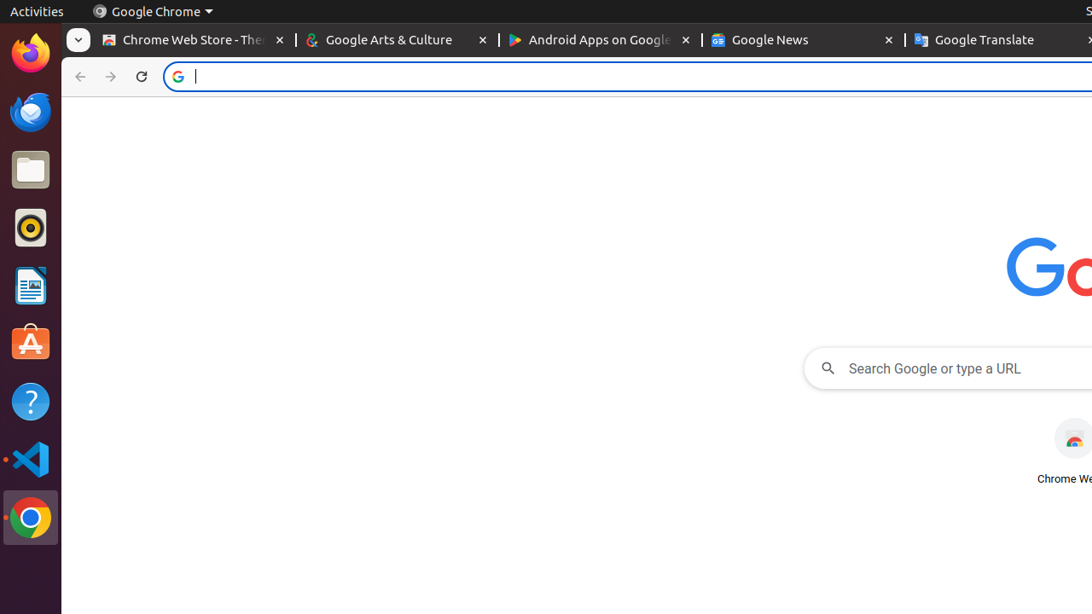 Image resolution: width=1092 pixels, height=614 pixels. Describe the element at coordinates (30, 226) in the screenshot. I see `'Rhythmbox'` at that location.